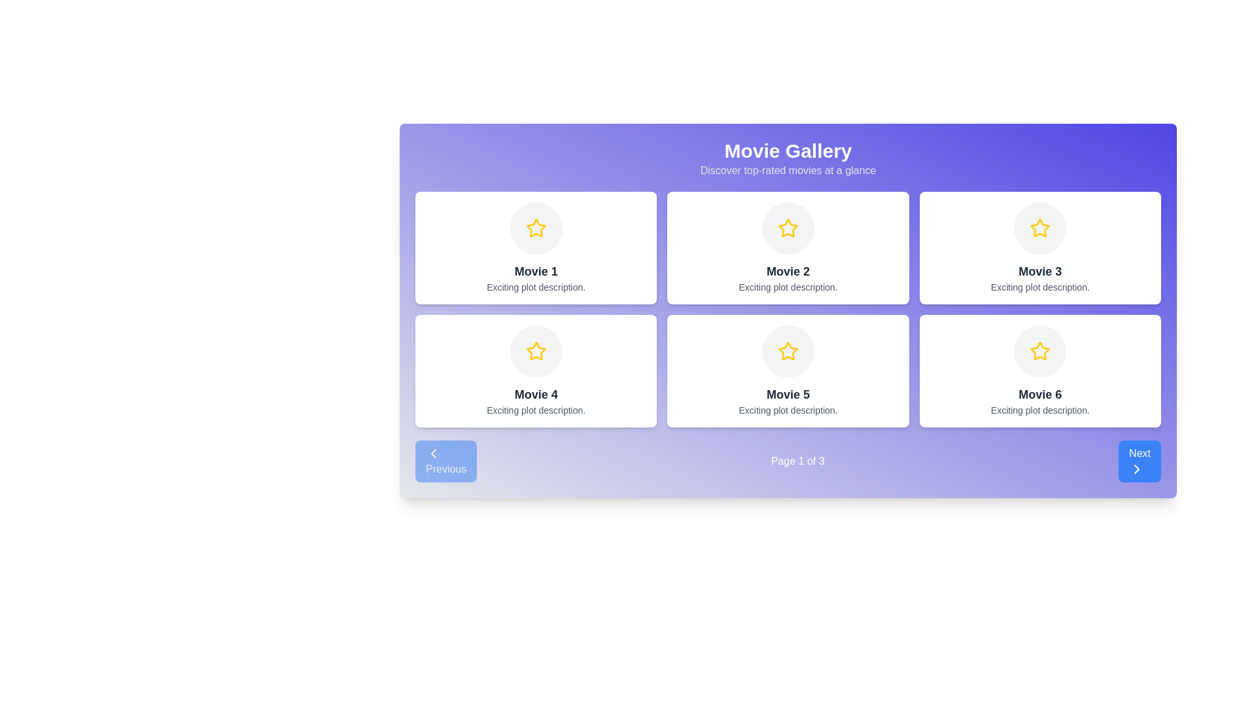  I want to click on the Text Label that displays the current page number and total pages, located centrally below the grid of movie cards, positioned between 'Previous' and 'Next' navigation buttons, so click(797, 461).